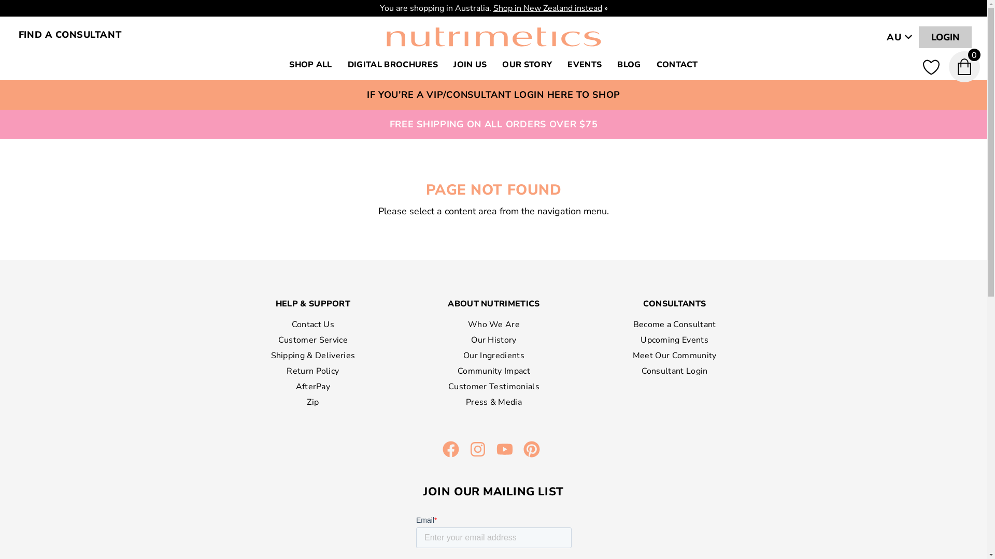  What do you see at coordinates (392, 64) in the screenshot?
I see `'DIGITAL BROCHURES'` at bounding box center [392, 64].